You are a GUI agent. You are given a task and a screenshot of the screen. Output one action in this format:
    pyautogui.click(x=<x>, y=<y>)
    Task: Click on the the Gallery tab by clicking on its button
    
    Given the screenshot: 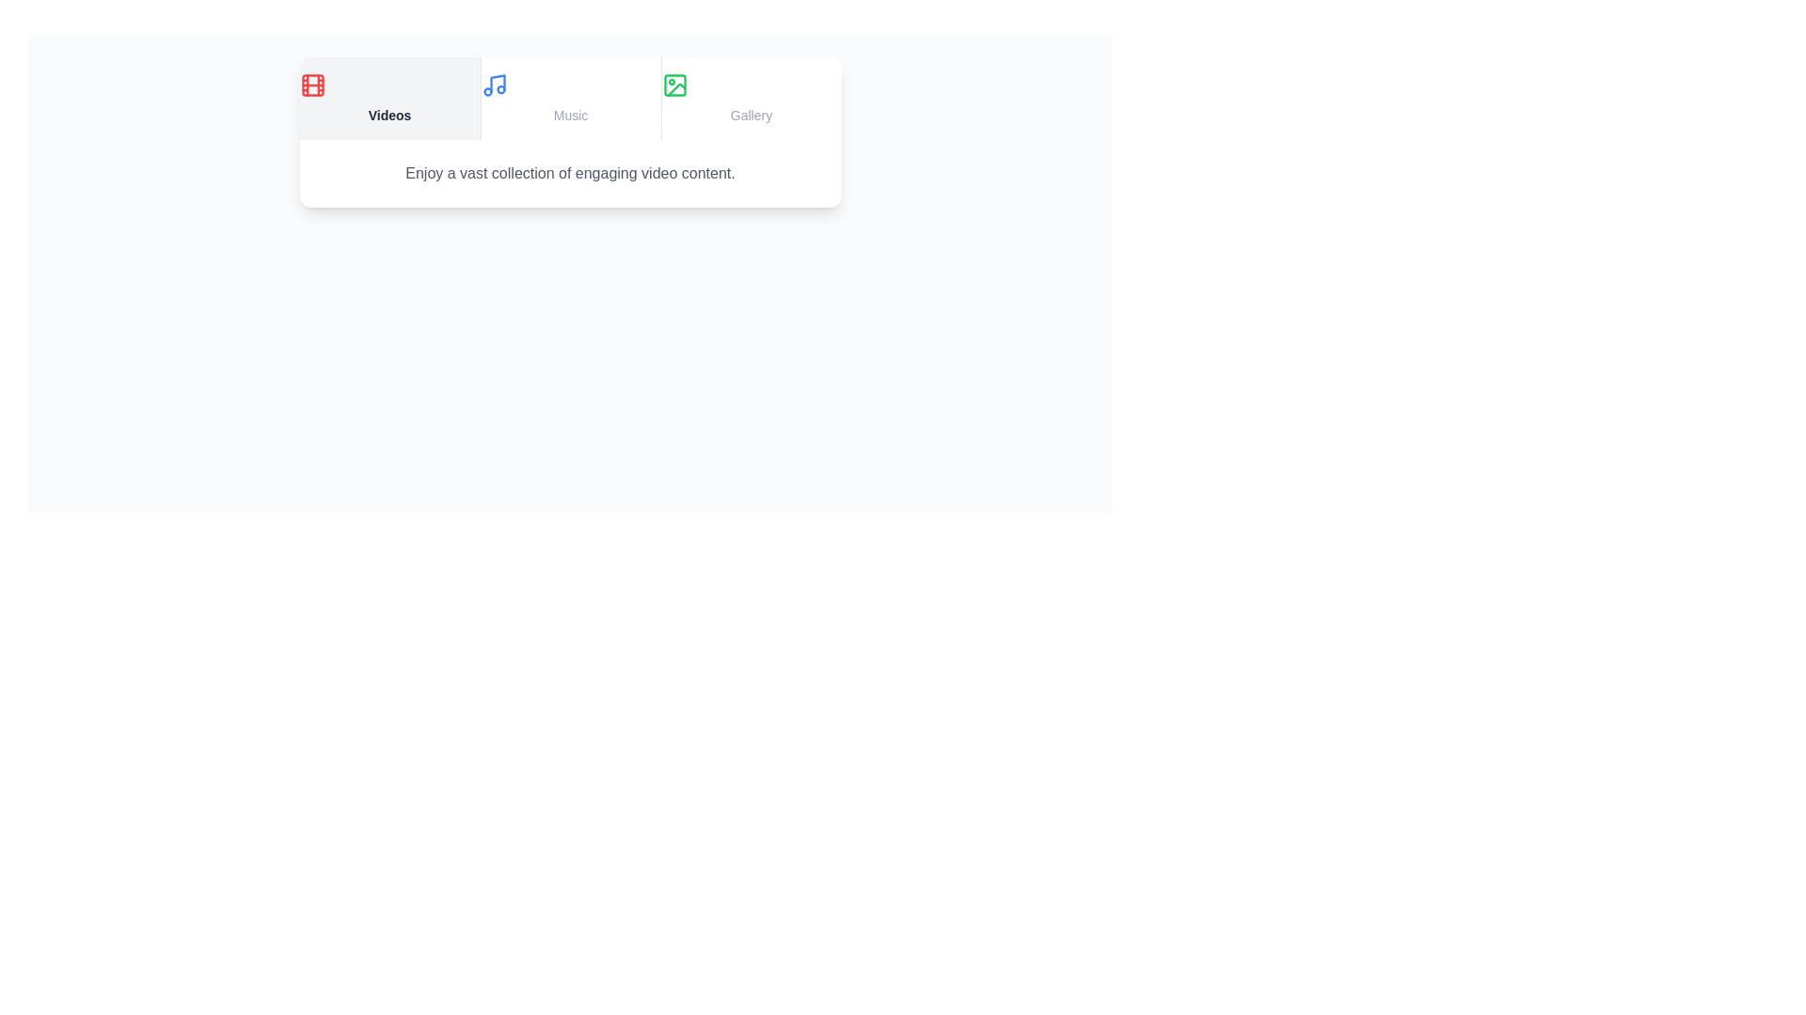 What is the action you would take?
    pyautogui.click(x=750, y=98)
    